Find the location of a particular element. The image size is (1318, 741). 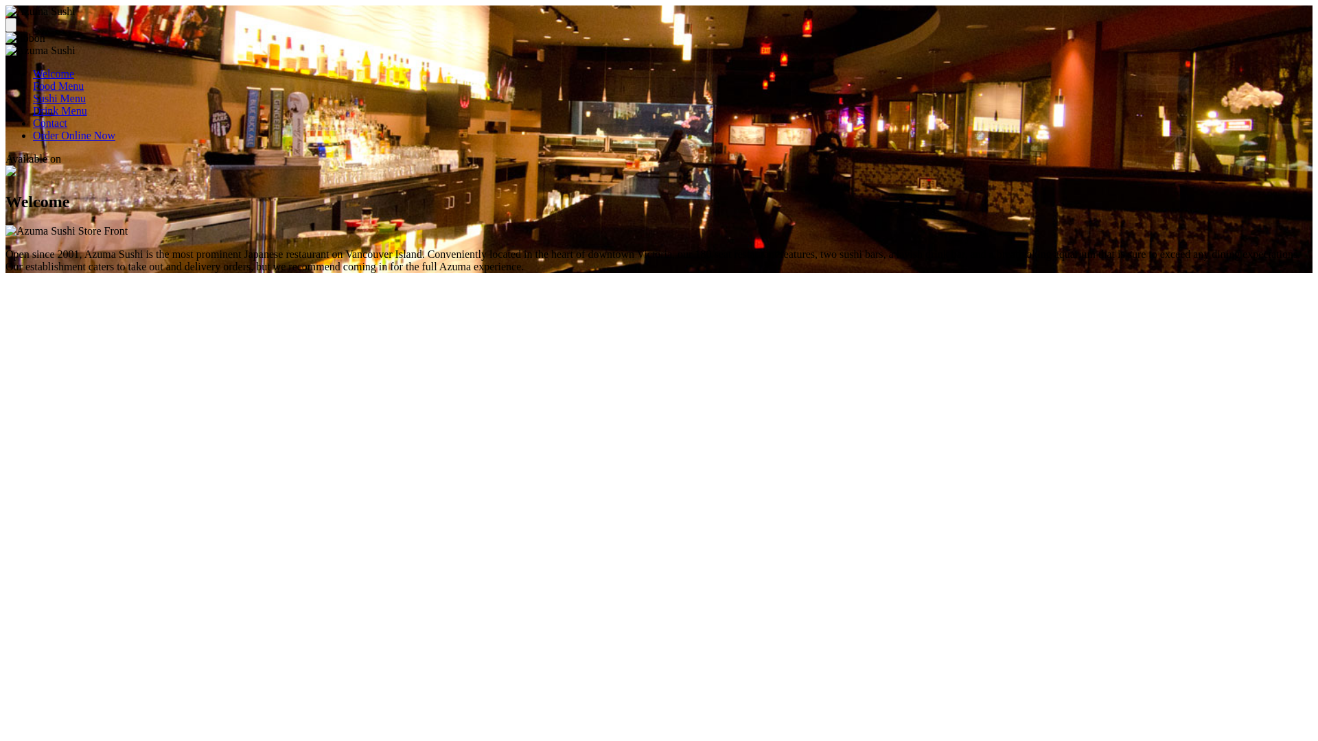

'Order Online Now' is located at coordinates (73, 135).